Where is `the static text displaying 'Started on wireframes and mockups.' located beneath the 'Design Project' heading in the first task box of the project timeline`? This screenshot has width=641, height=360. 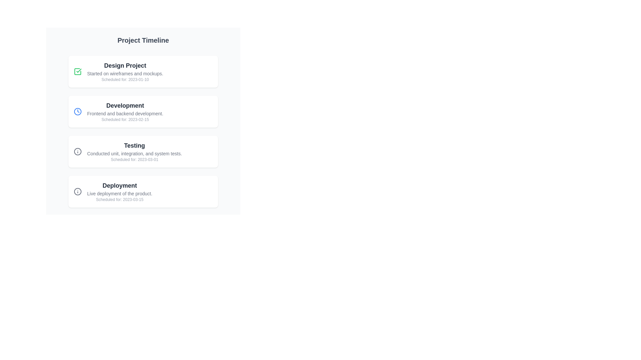 the static text displaying 'Started on wireframes and mockups.' located beneath the 'Design Project' heading in the first task box of the project timeline is located at coordinates (125, 73).